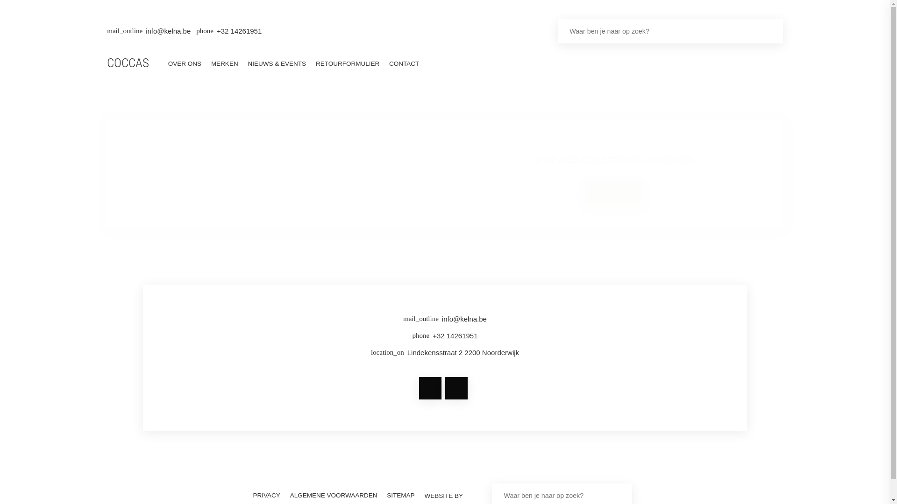  What do you see at coordinates (127, 64) in the screenshot?
I see `'COCCAS'` at bounding box center [127, 64].